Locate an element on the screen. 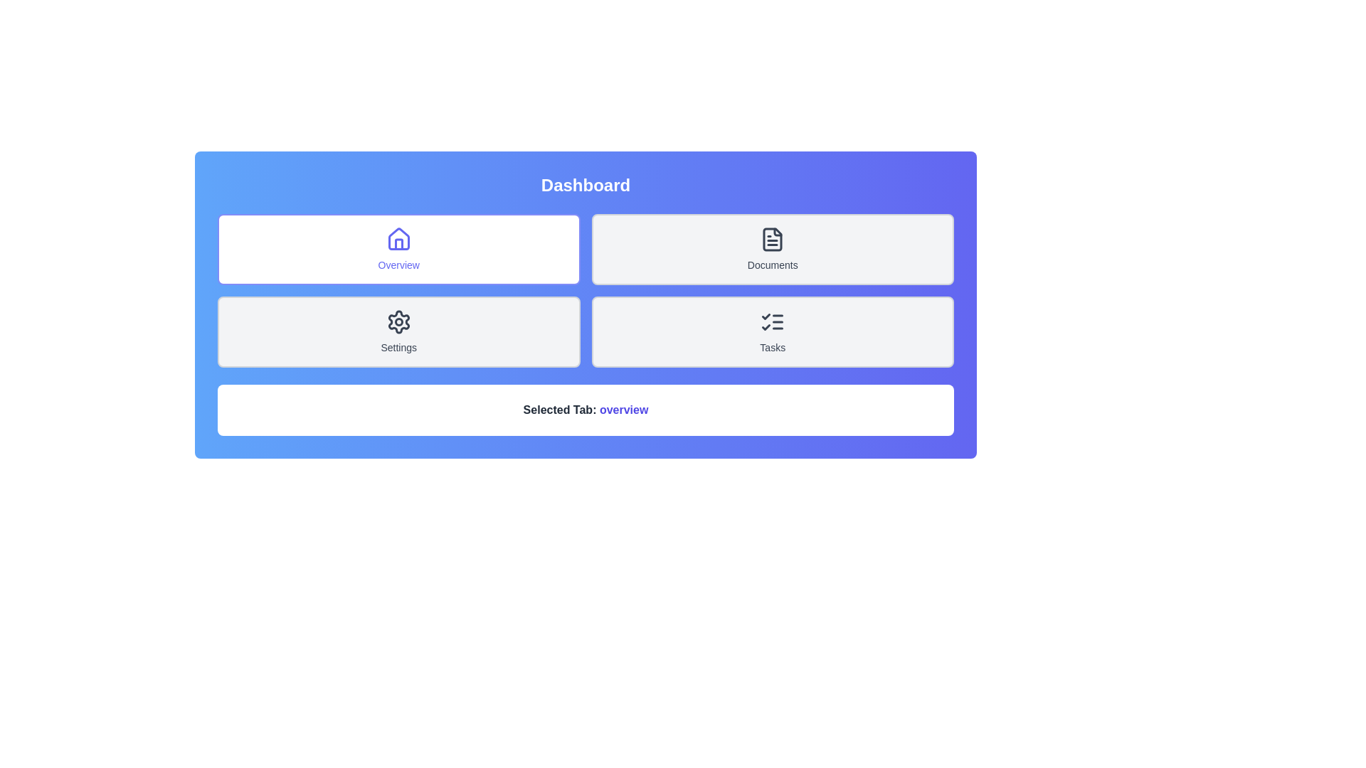 The width and height of the screenshot is (1366, 768). the document icon located in the second row, first column of the dashboard grid layout is located at coordinates (772, 238).